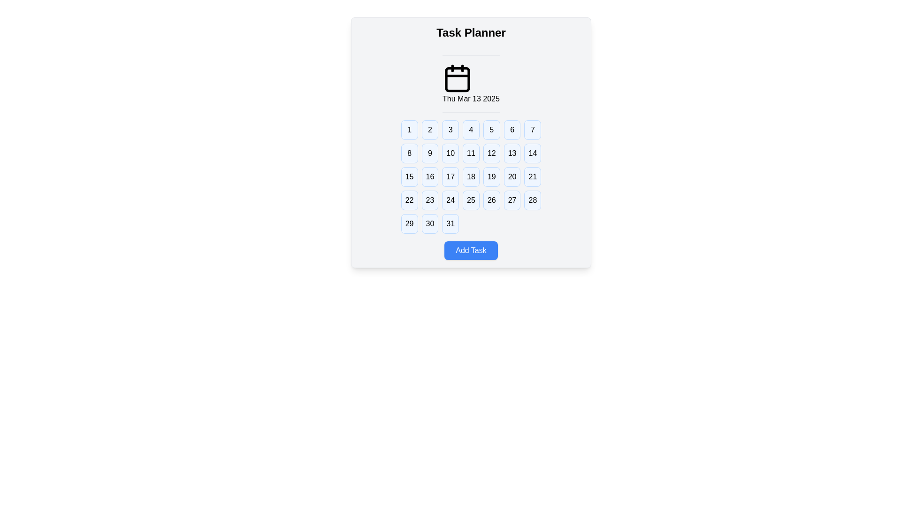  Describe the element at coordinates (409, 177) in the screenshot. I see `the square-shaped button with a light blue background displaying the number '15', located in the third row and first column of a 7-column grid` at that location.